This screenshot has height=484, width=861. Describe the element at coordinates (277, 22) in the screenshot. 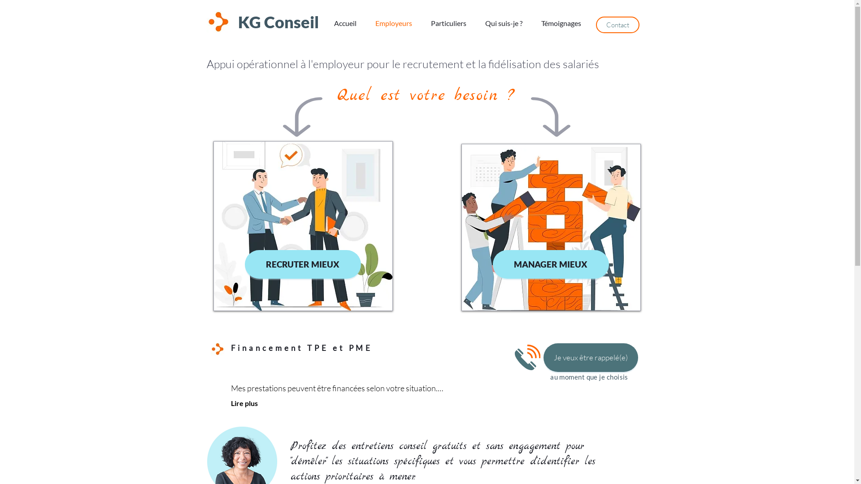

I see `'KG Conseil'` at that location.